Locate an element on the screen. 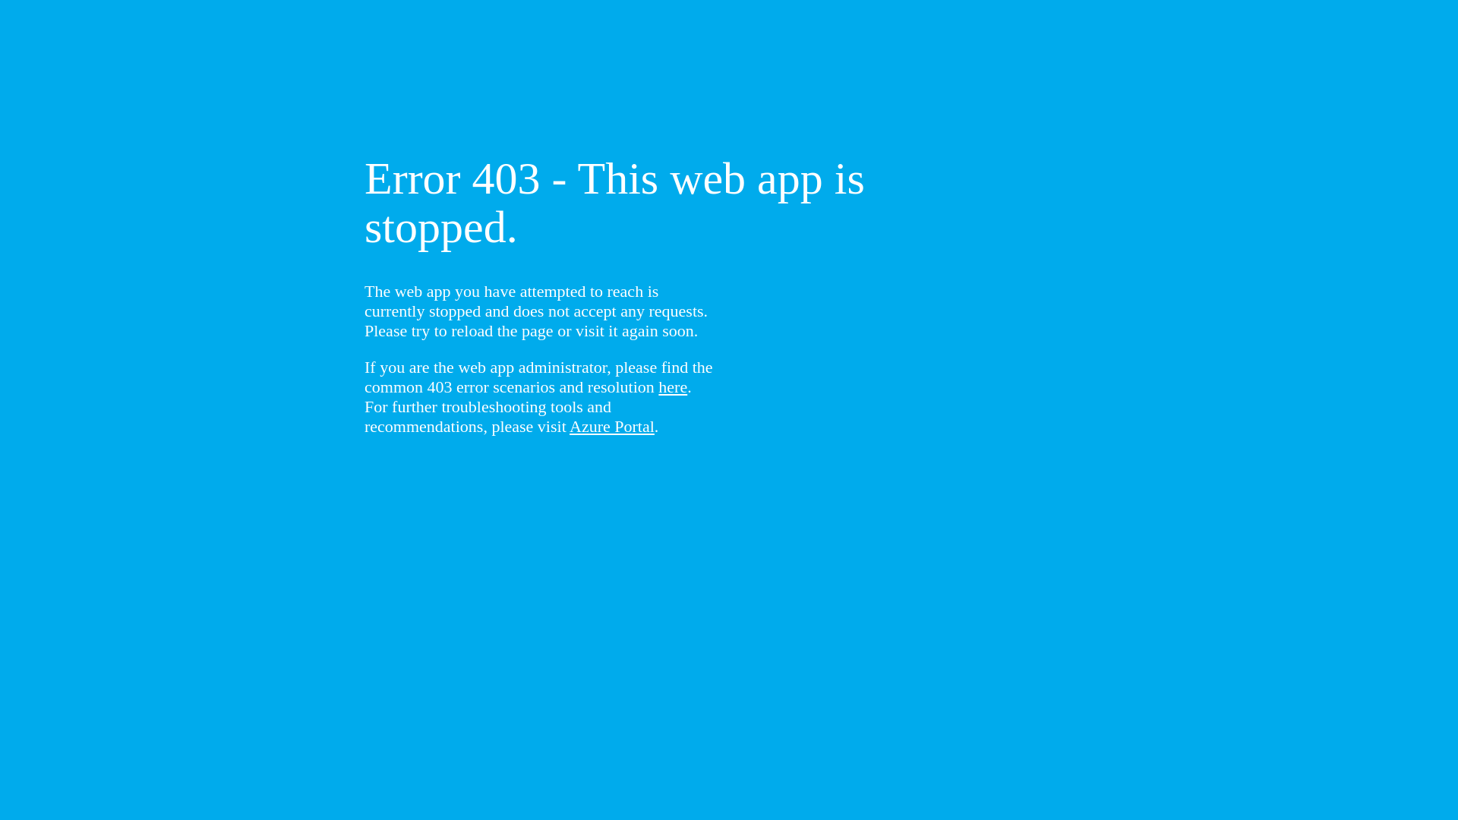 The height and width of the screenshot is (820, 1458). 'Azure Portal' is located at coordinates (568, 426).